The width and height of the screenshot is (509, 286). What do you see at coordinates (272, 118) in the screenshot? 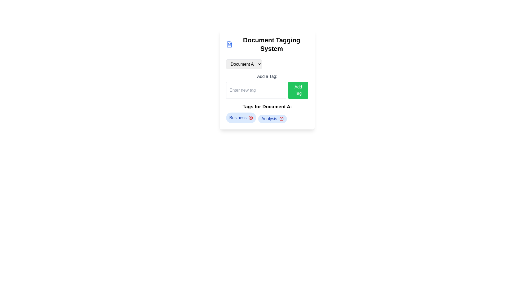
I see `the tag representing the category or label assigned to Document A, located to the right of the 'Business' tag, which includes a removal option` at bounding box center [272, 118].